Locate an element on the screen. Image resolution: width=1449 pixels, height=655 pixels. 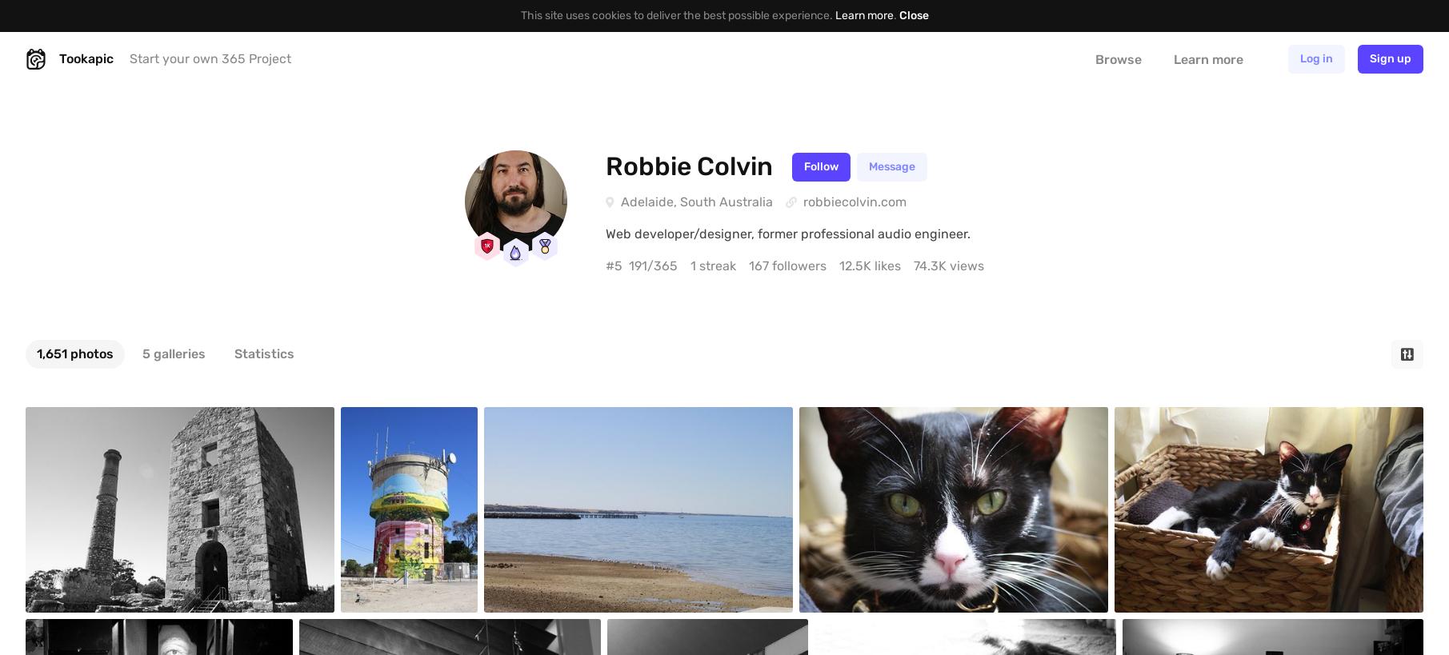
'#1,645' is located at coordinates (319, 643).